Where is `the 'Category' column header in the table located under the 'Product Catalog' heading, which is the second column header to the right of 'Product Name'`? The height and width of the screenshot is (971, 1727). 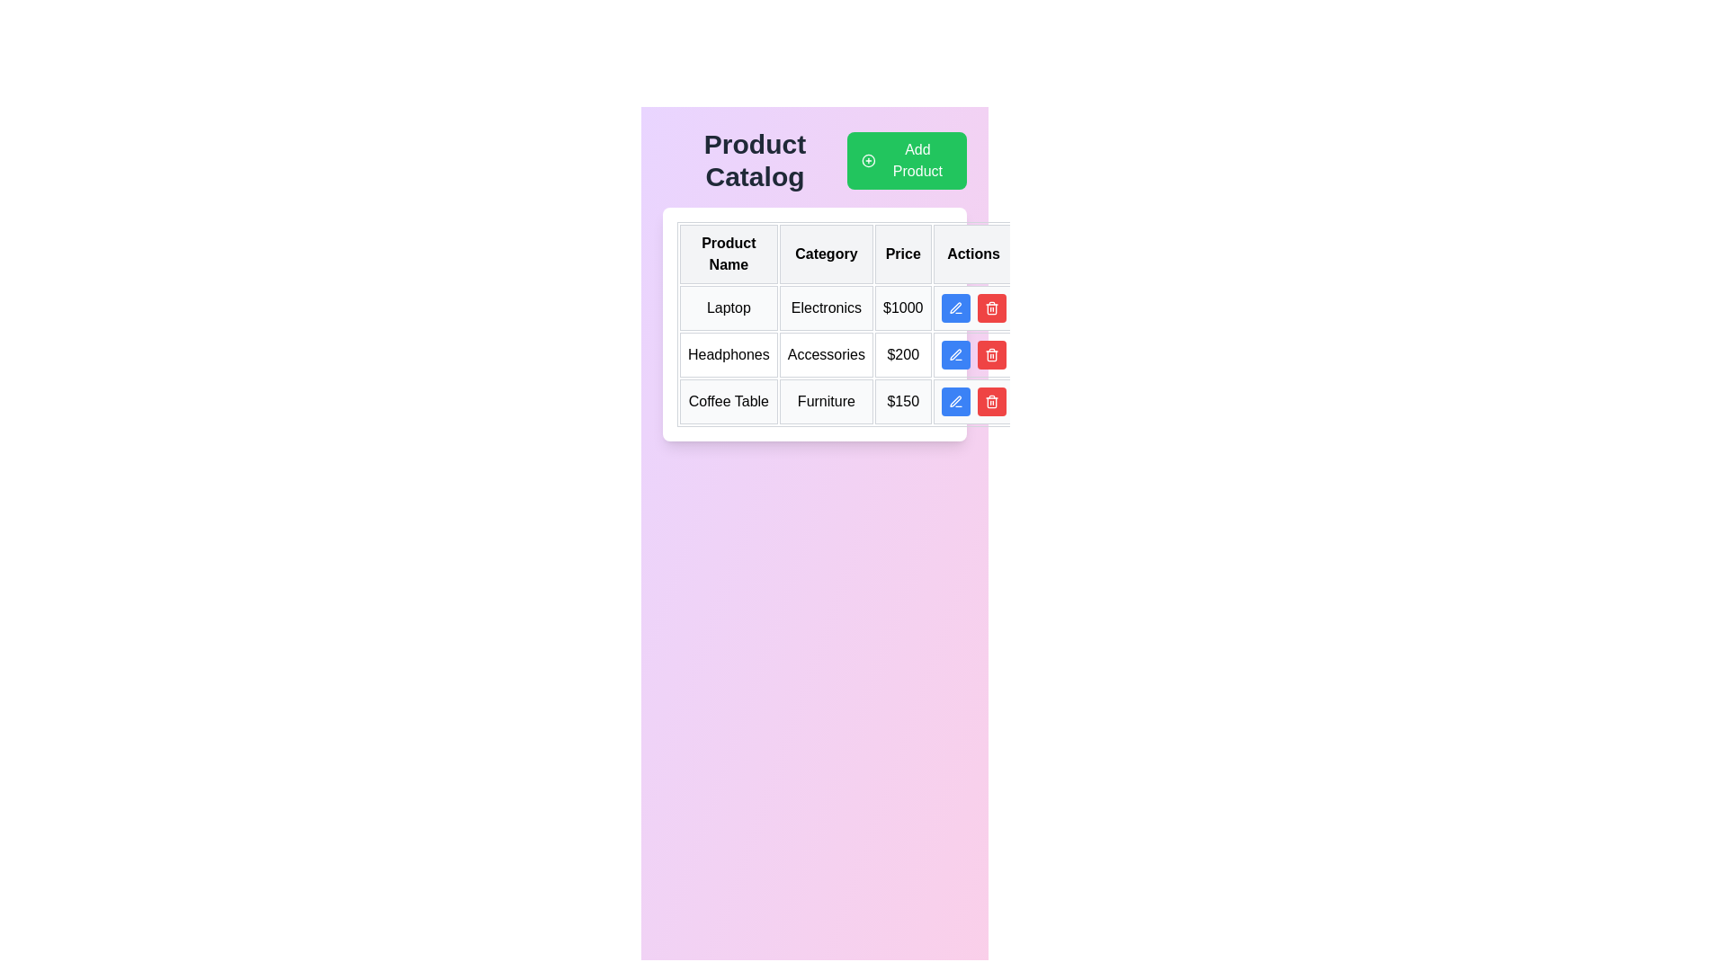
the 'Category' column header in the table located under the 'Product Catalog' heading, which is the second column header to the right of 'Product Name' is located at coordinates (825, 254).